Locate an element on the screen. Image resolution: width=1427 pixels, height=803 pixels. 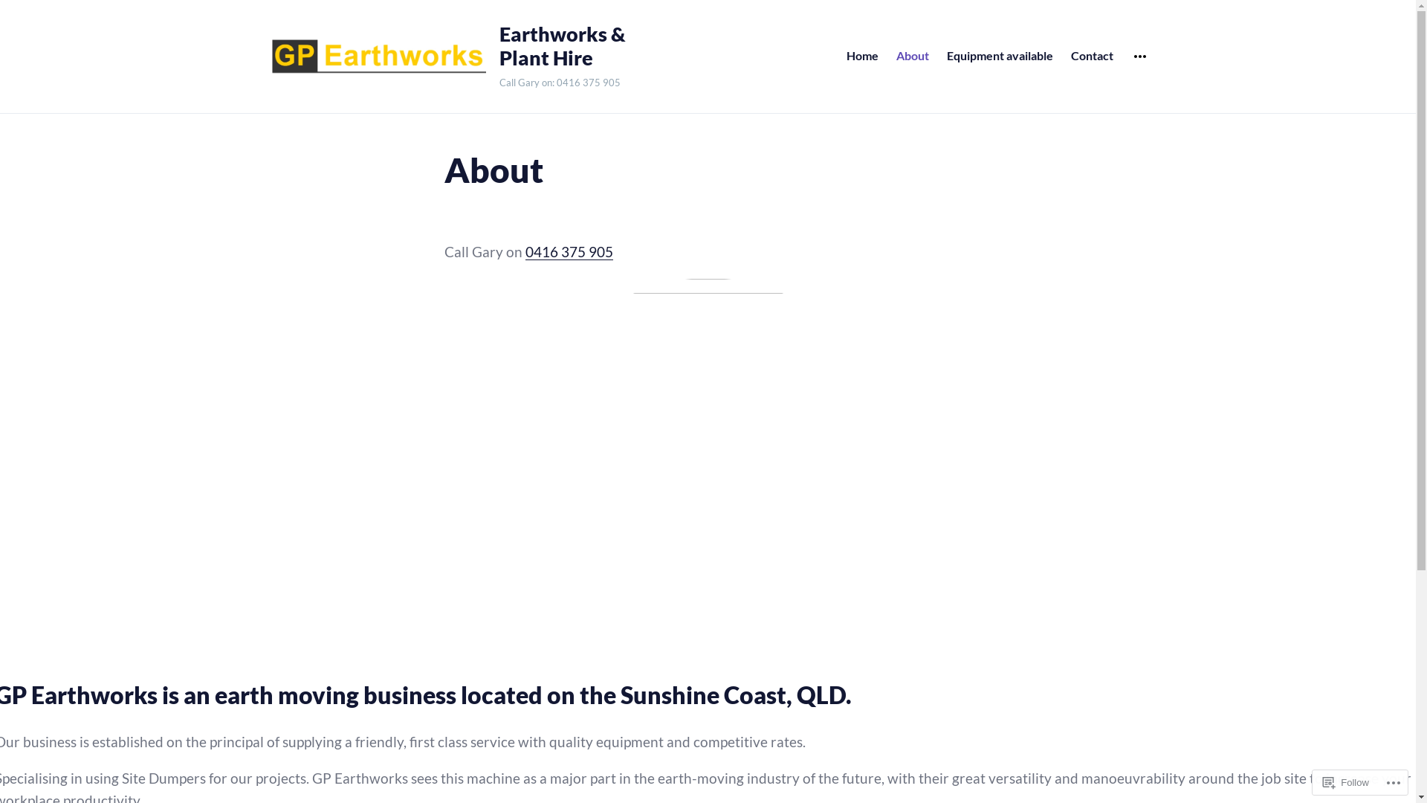
'Follow' is located at coordinates (1345, 781).